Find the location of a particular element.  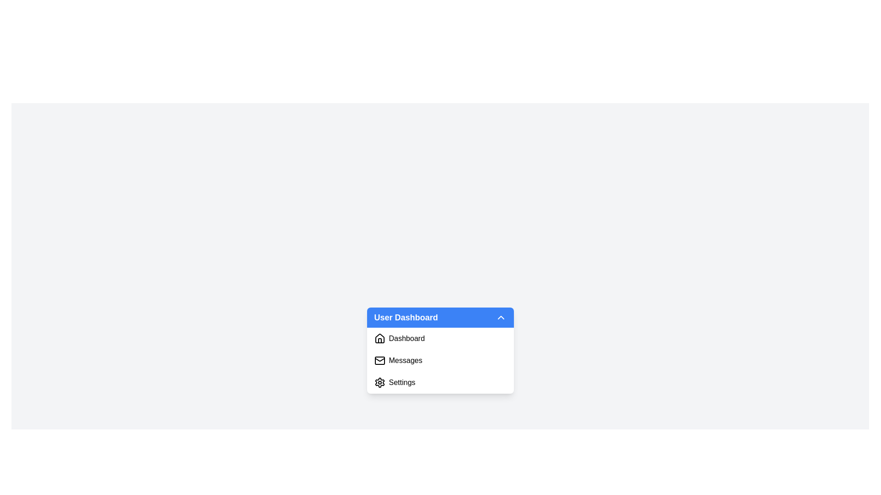

the settings gear icon, which is a black circular icon with gear teeth, located adjacent to the 'Settings' label in the menu is located at coordinates (379, 382).